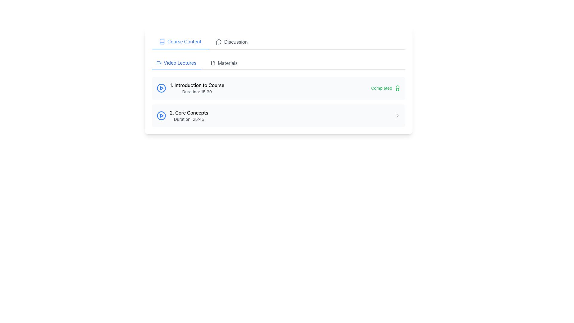 The height and width of the screenshot is (323, 574). What do you see at coordinates (161, 115) in the screenshot?
I see `the blue circular SVG graphic icon located to the left of the '2. Core Concepts' video entry in the vertical list of video lectures` at bounding box center [161, 115].